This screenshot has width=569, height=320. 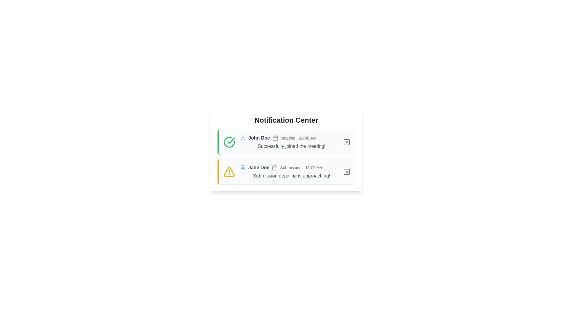 What do you see at coordinates (275, 138) in the screenshot?
I see `the calendar icon located to the right of 'John Doe' and preceding 'Meeting - 10:30 AM' in the top notification entry` at bounding box center [275, 138].